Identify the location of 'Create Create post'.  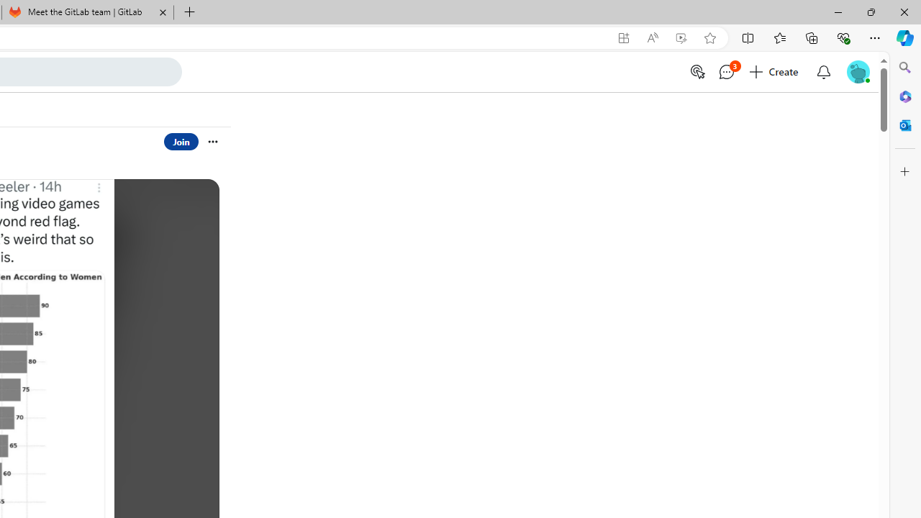
(774, 72).